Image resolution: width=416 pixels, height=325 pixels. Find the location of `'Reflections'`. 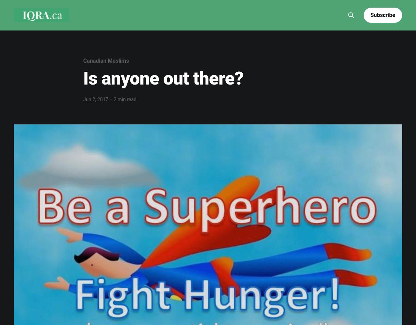

'Reflections' is located at coordinates (179, 5).